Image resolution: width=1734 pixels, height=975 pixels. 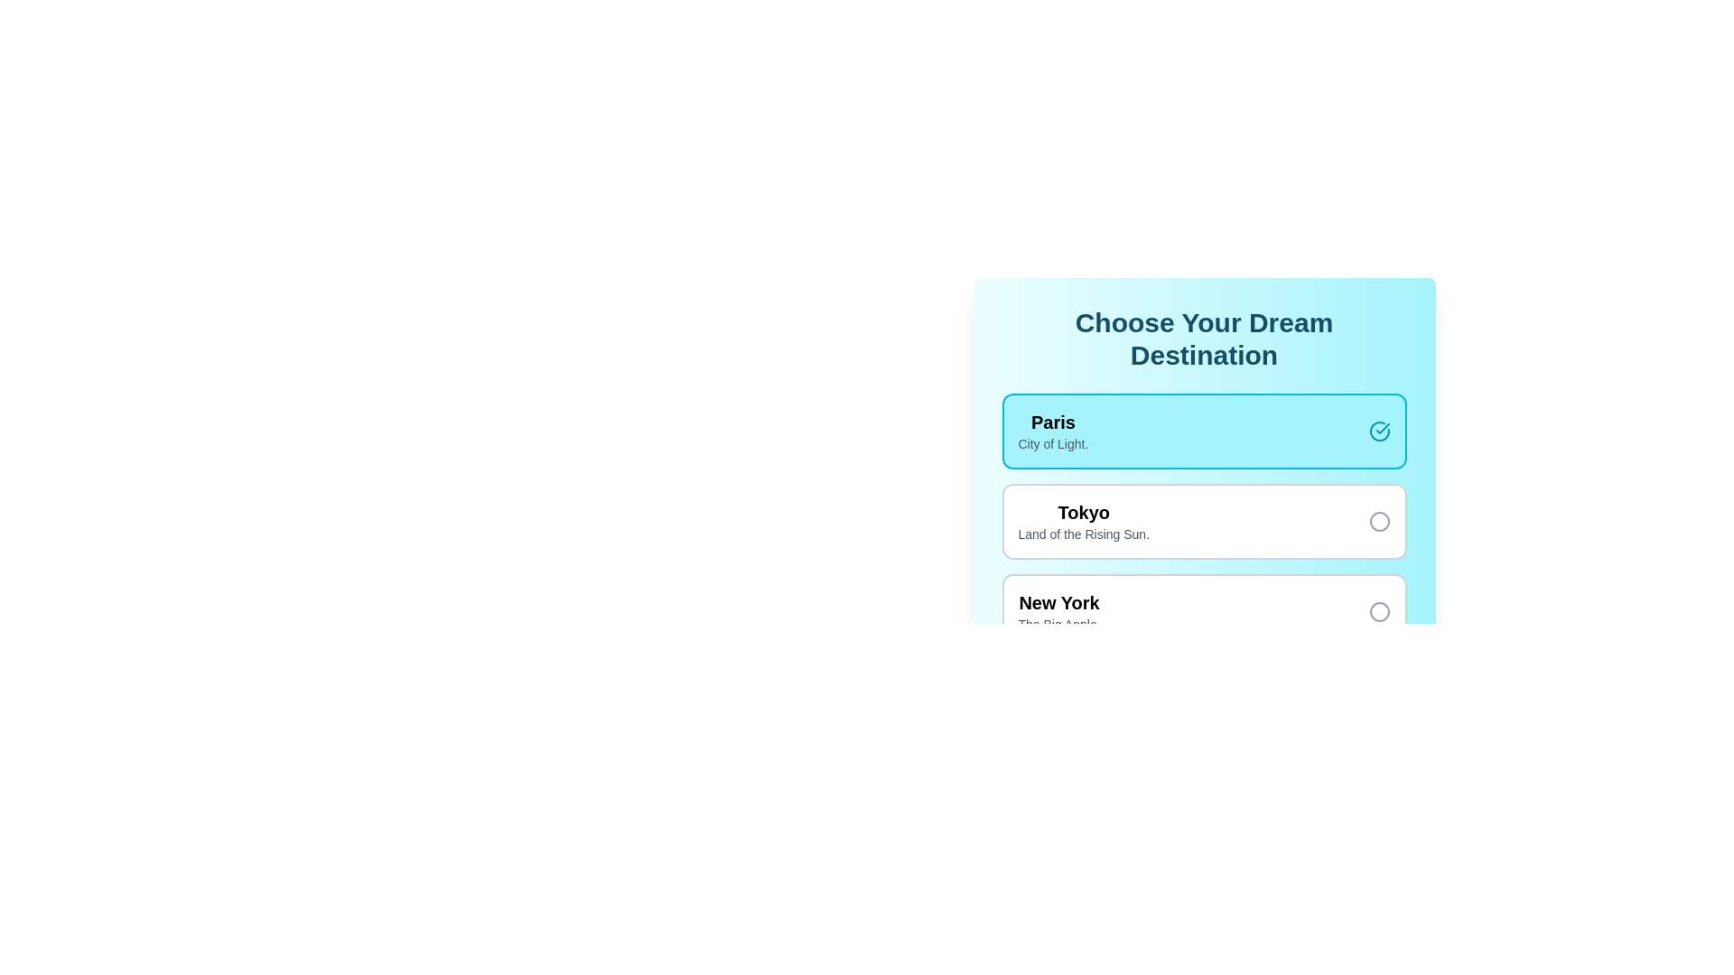 What do you see at coordinates (1204, 522) in the screenshot?
I see `the 'Tokyo' option` at bounding box center [1204, 522].